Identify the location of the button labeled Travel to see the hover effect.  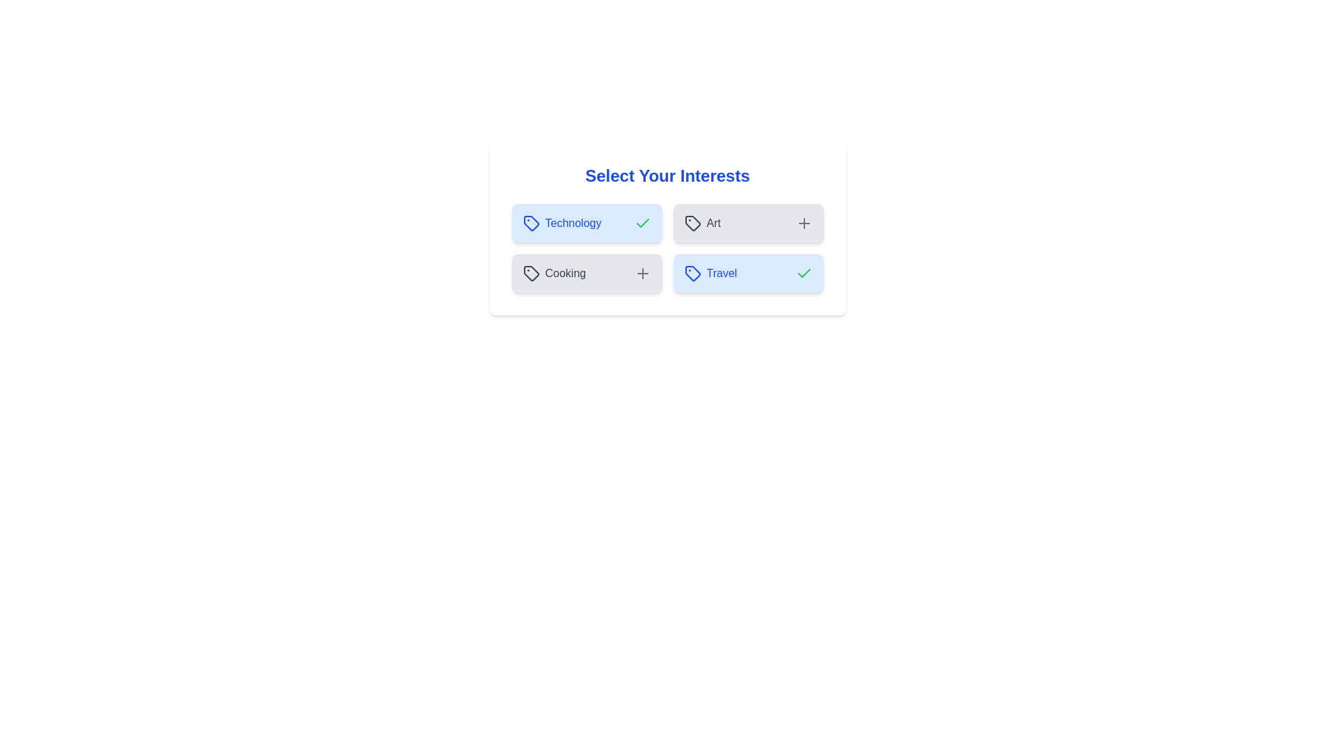
(747, 274).